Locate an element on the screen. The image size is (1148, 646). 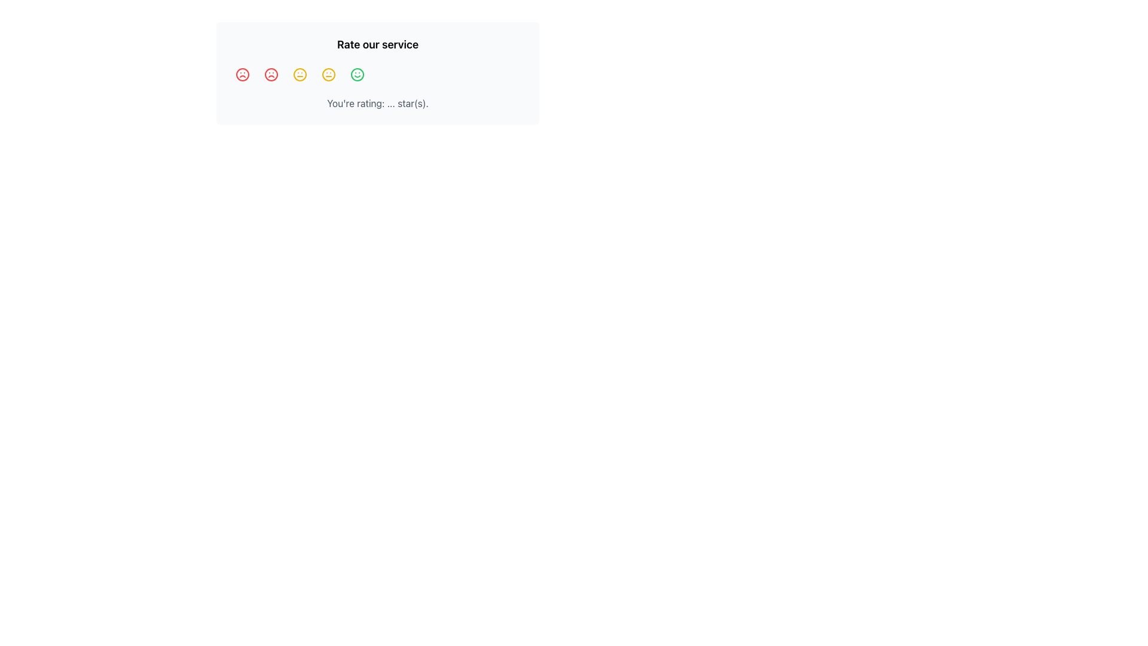
the last clickable circular icon with a green smiley face symbol, which is part of a horizontal row of rating icons is located at coordinates (357, 74).